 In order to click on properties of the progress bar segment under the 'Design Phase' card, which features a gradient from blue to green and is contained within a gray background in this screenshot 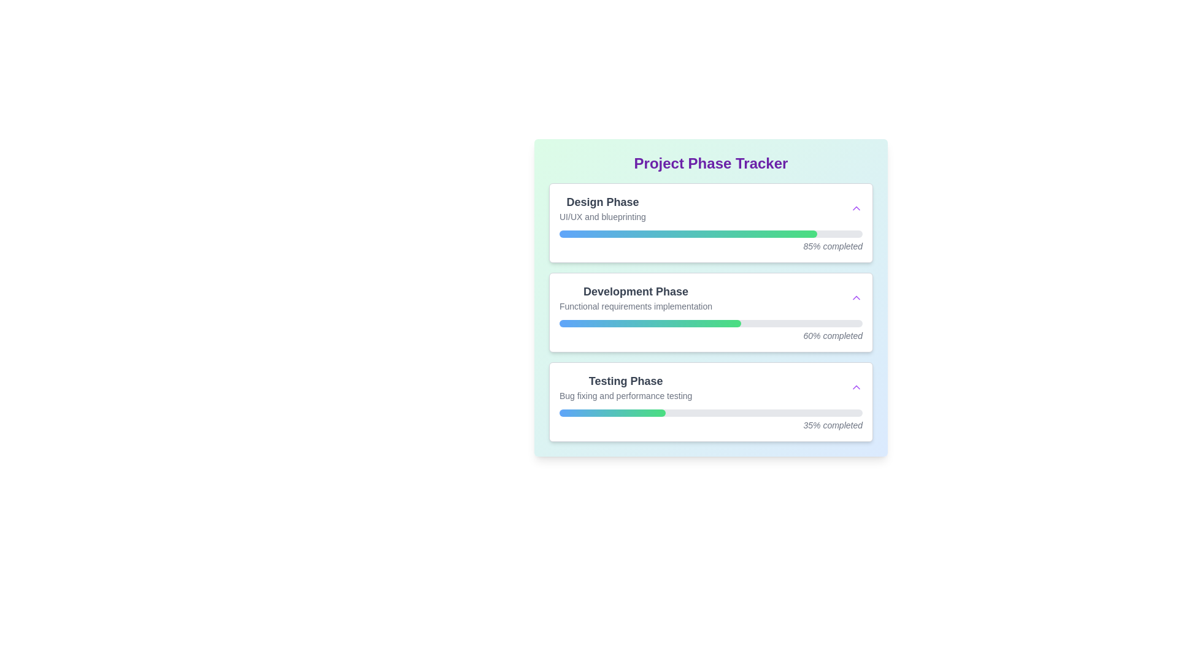, I will do `click(688, 234)`.